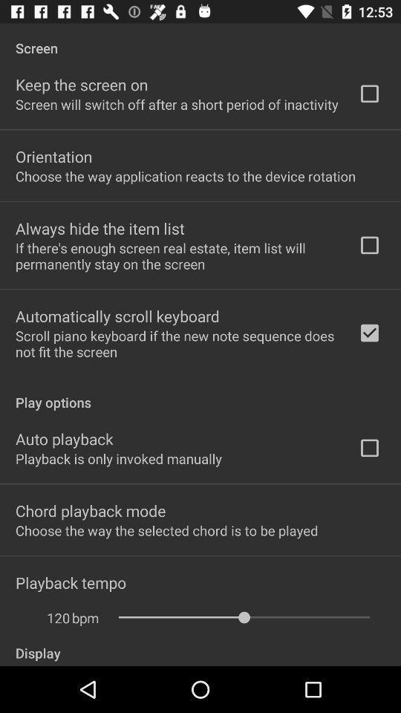 The height and width of the screenshot is (713, 401). I want to click on the item below the choose the way item, so click(100, 228).